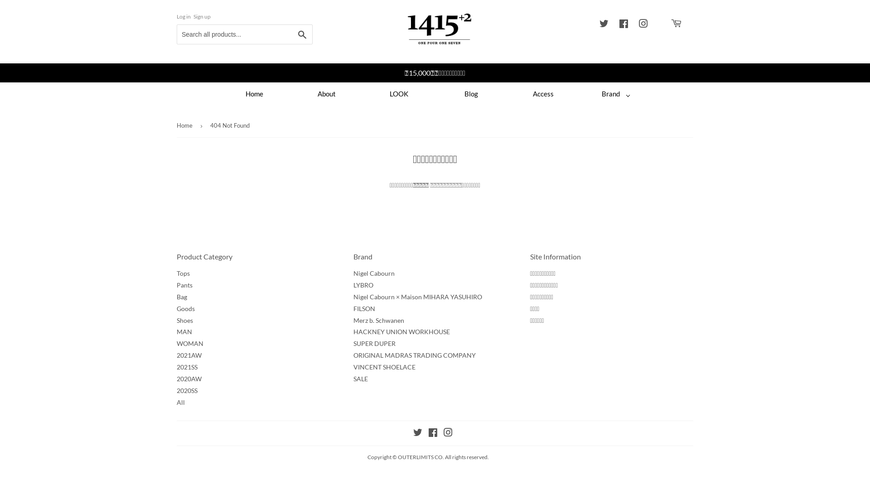 The image size is (870, 489). Describe the element at coordinates (176, 390) in the screenshot. I see `'2020SS'` at that location.